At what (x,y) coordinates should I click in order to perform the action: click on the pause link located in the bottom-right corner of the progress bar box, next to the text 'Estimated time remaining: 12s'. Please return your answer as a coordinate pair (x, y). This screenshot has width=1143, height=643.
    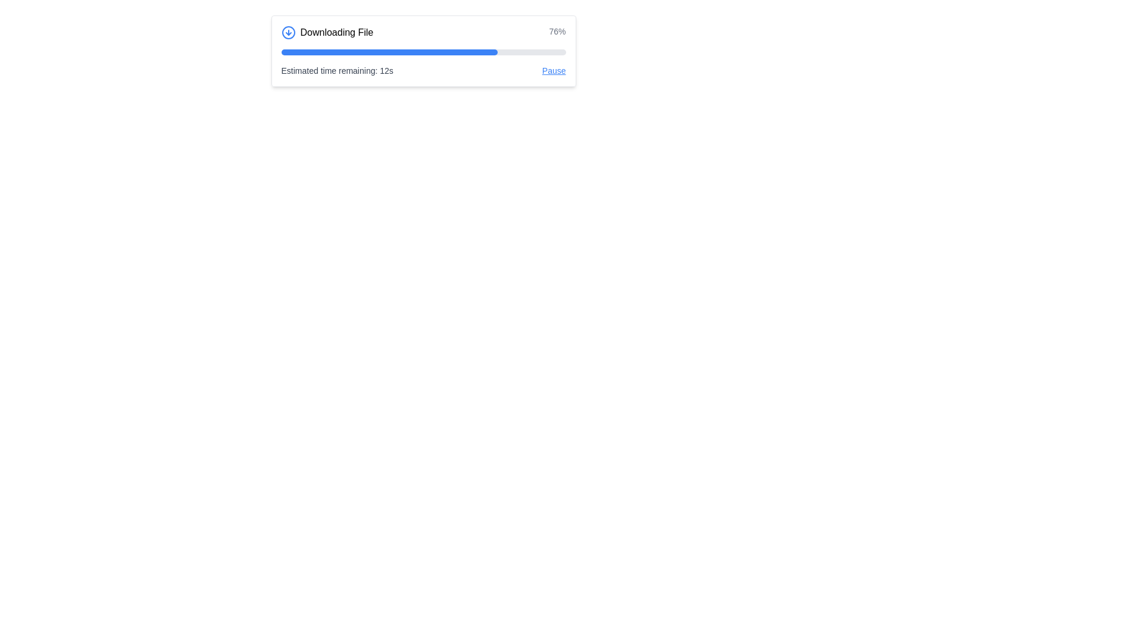
    Looking at the image, I should click on (553, 71).